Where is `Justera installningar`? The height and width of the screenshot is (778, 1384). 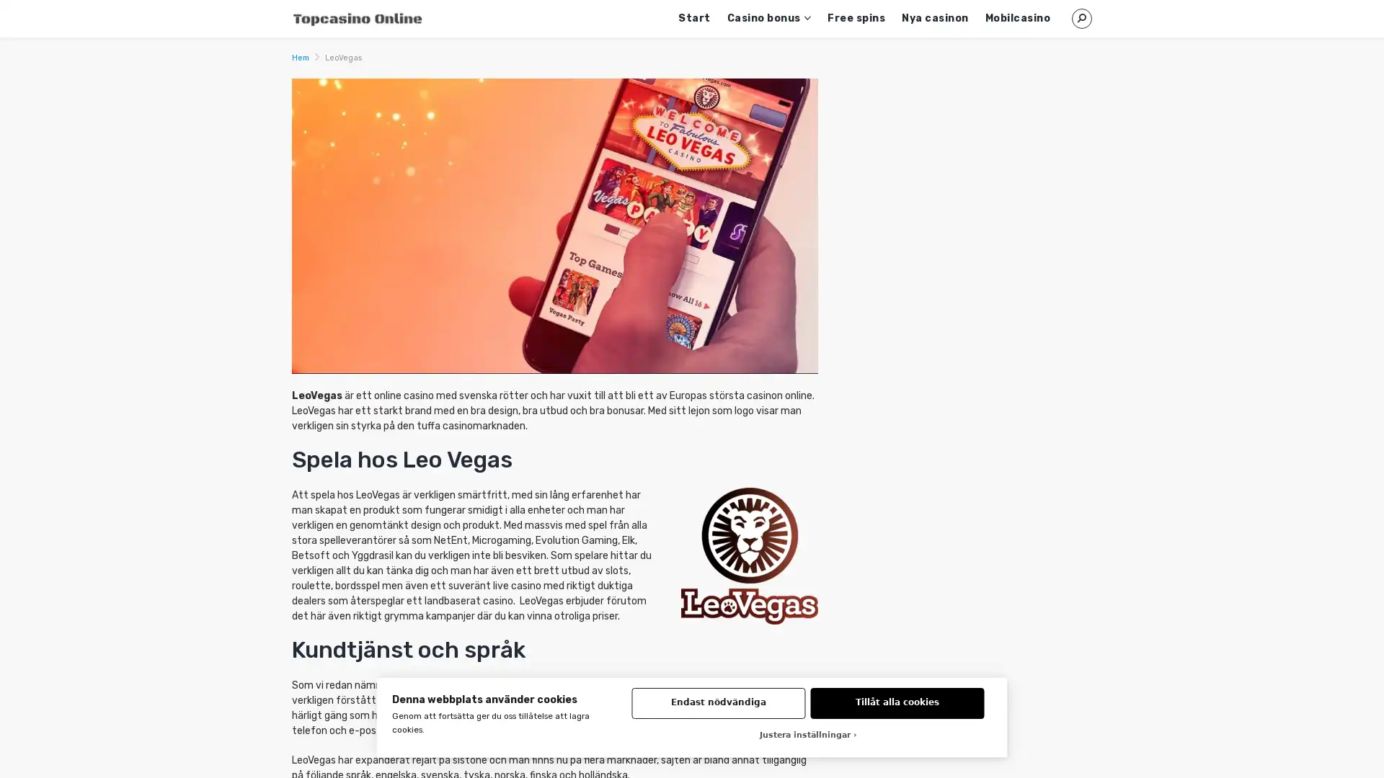 Justera installningar is located at coordinates (808, 735).